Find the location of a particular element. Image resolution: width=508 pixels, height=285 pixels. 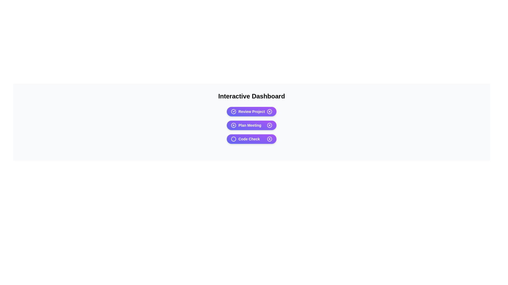

the close button of the chip labeled Review Project to remove it is located at coordinates (269, 111).